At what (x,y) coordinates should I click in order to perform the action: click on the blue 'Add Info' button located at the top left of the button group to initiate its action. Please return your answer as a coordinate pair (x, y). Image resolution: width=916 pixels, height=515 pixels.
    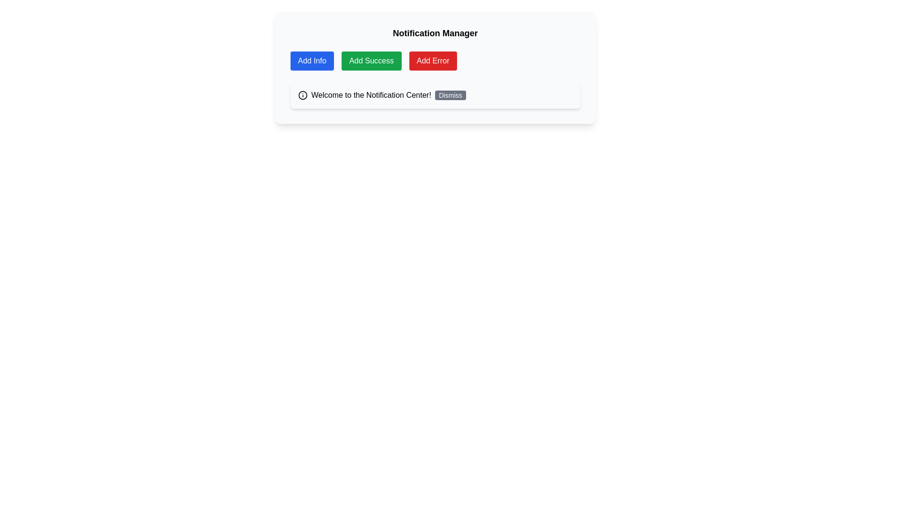
    Looking at the image, I should click on (312, 61).